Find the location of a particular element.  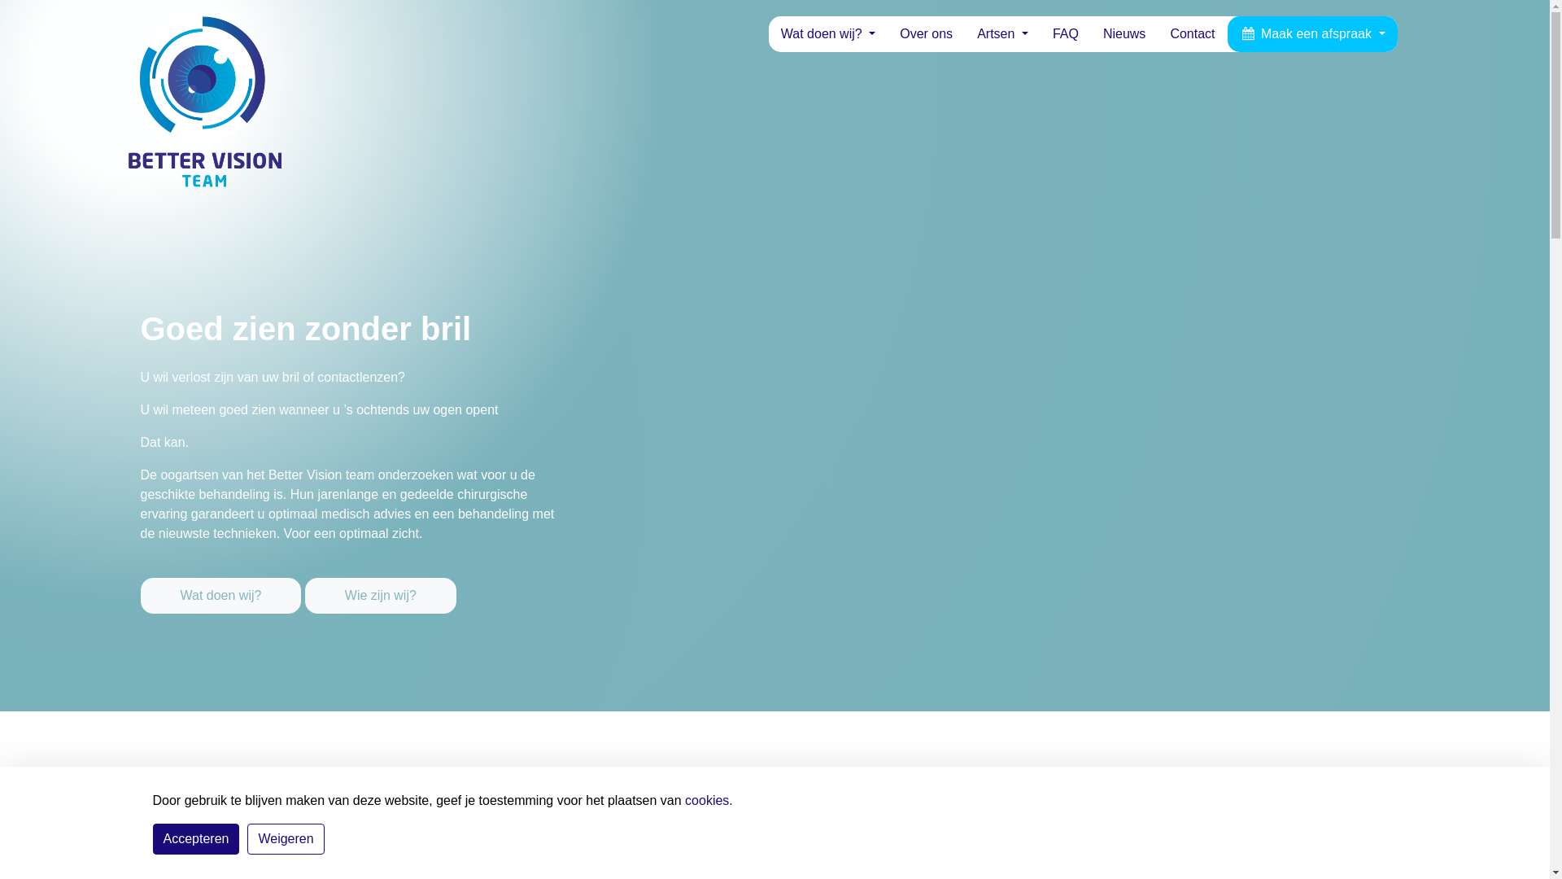

'Artsen' is located at coordinates (1001, 34).